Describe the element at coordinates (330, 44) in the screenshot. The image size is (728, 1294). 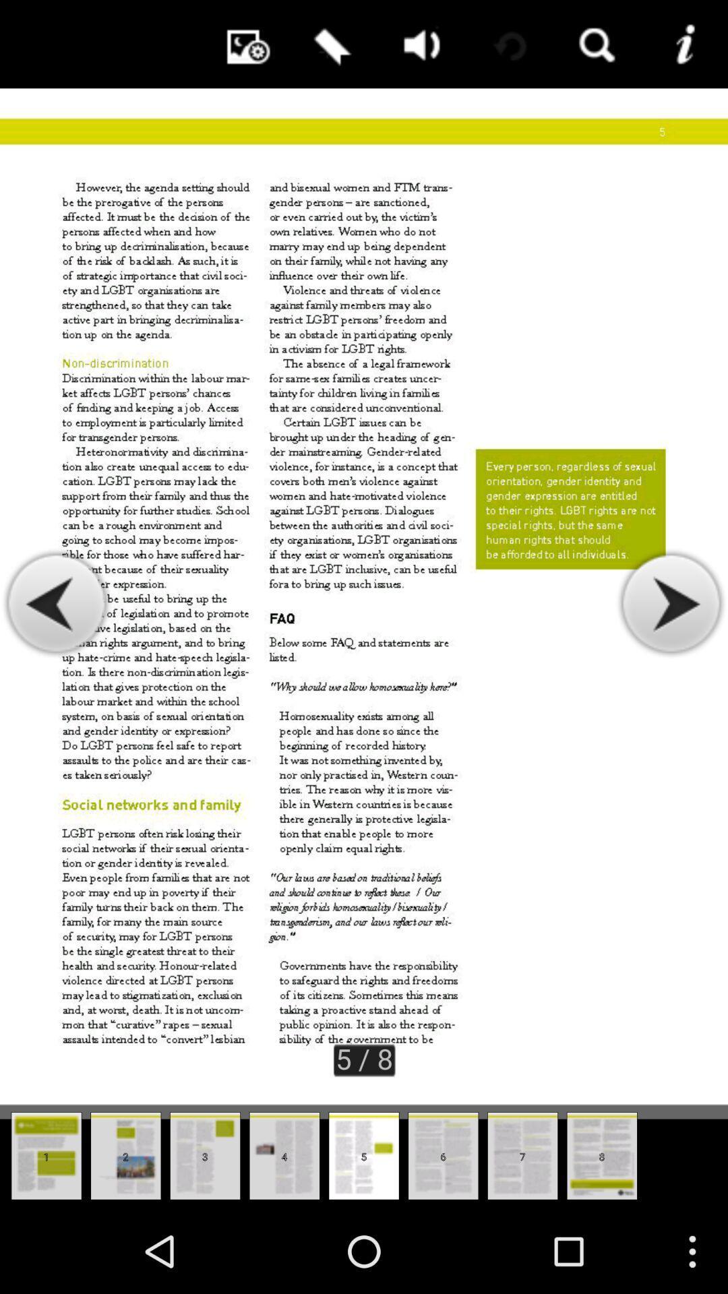
I see `enable bookmark` at that location.